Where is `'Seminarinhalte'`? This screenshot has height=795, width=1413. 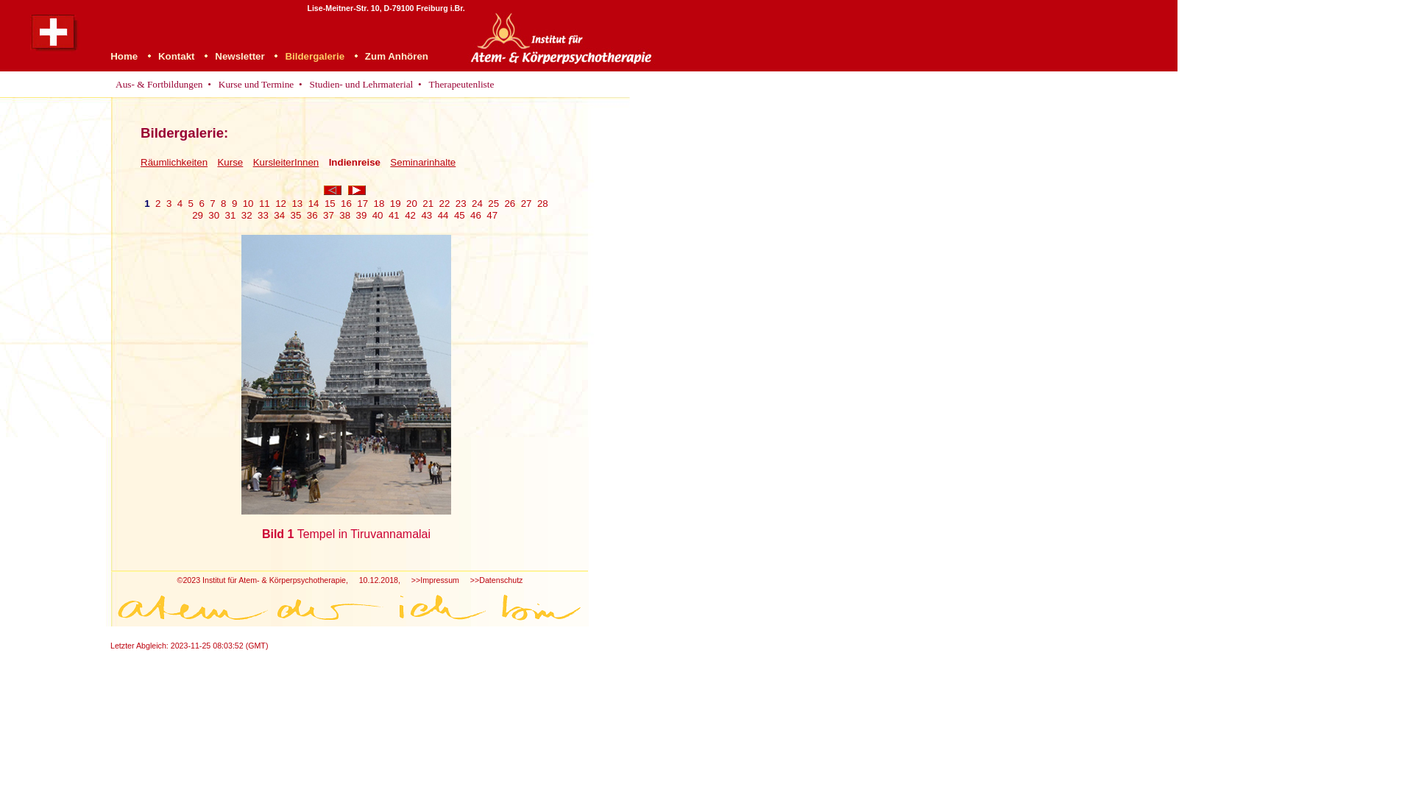
'Seminarinhalte' is located at coordinates (422, 162).